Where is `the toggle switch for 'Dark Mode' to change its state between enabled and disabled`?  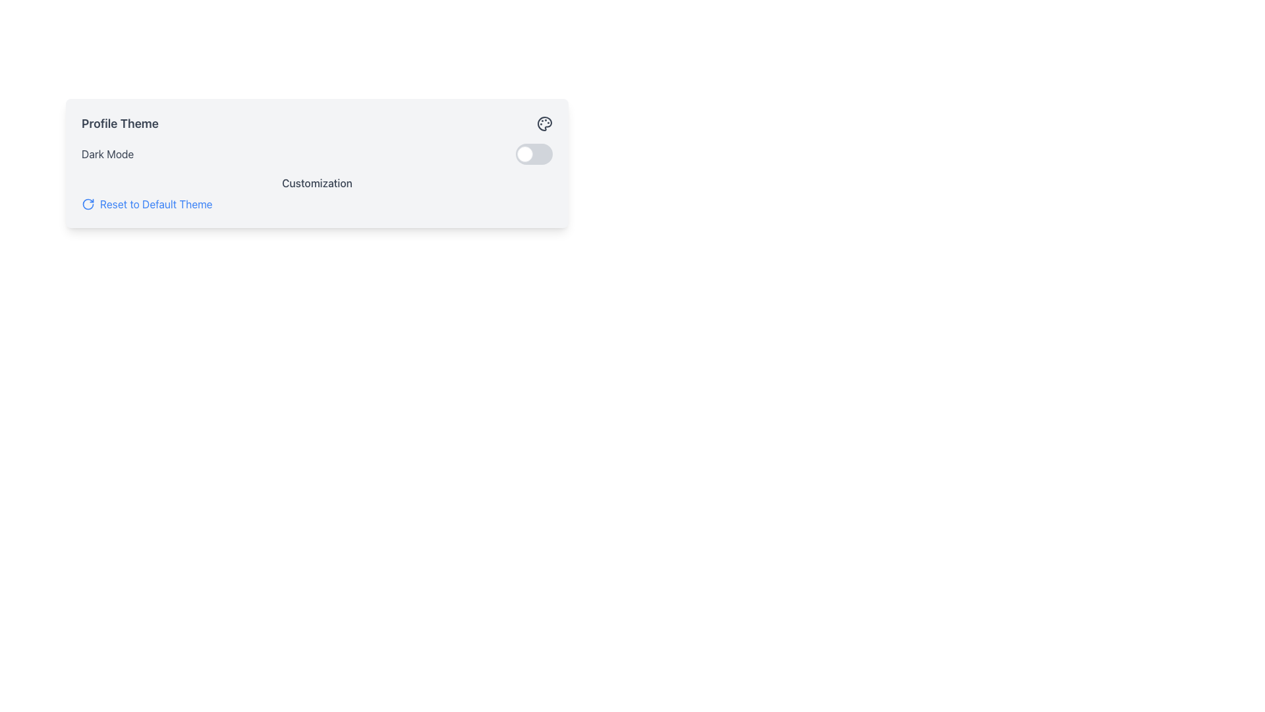 the toggle switch for 'Dark Mode' to change its state between enabled and disabled is located at coordinates (534, 154).